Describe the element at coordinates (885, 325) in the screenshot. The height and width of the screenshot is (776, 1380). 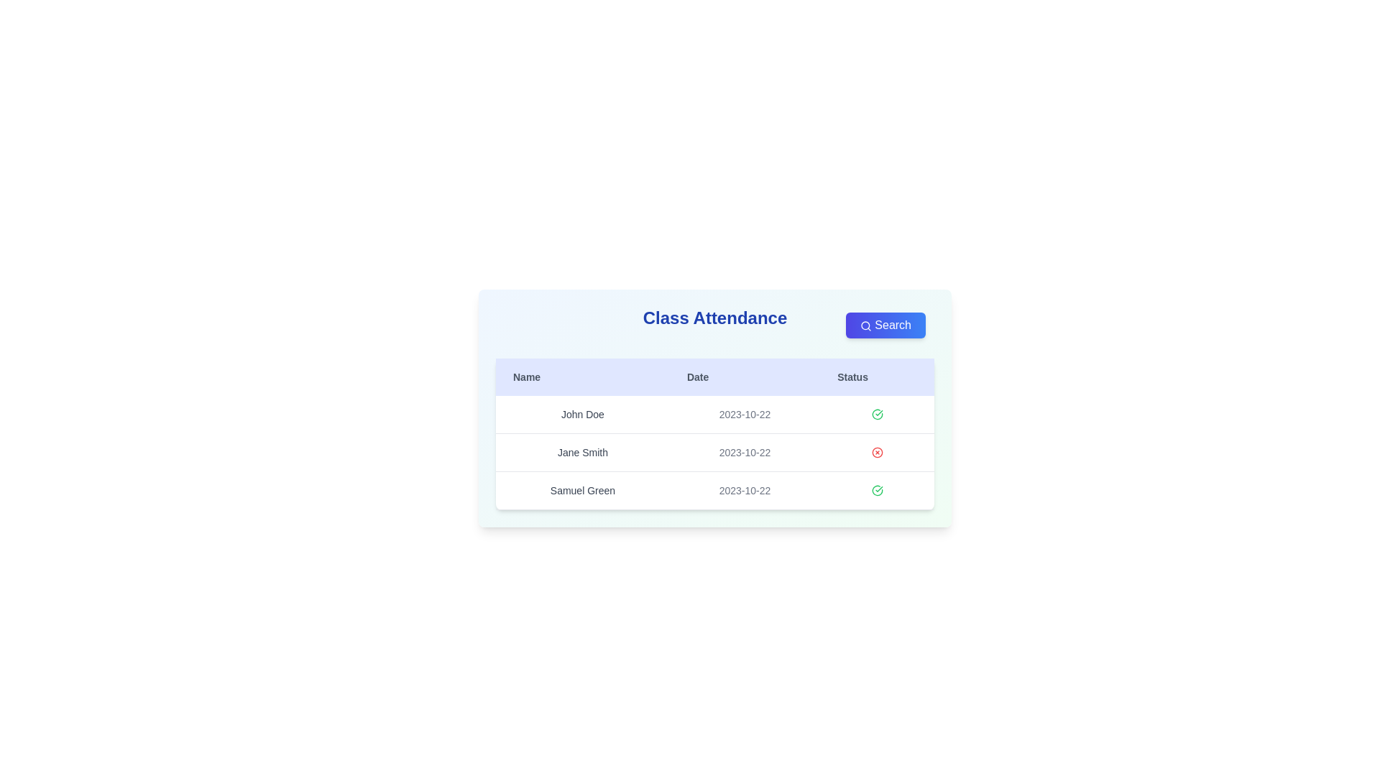
I see `the search button to initiate a search` at that location.